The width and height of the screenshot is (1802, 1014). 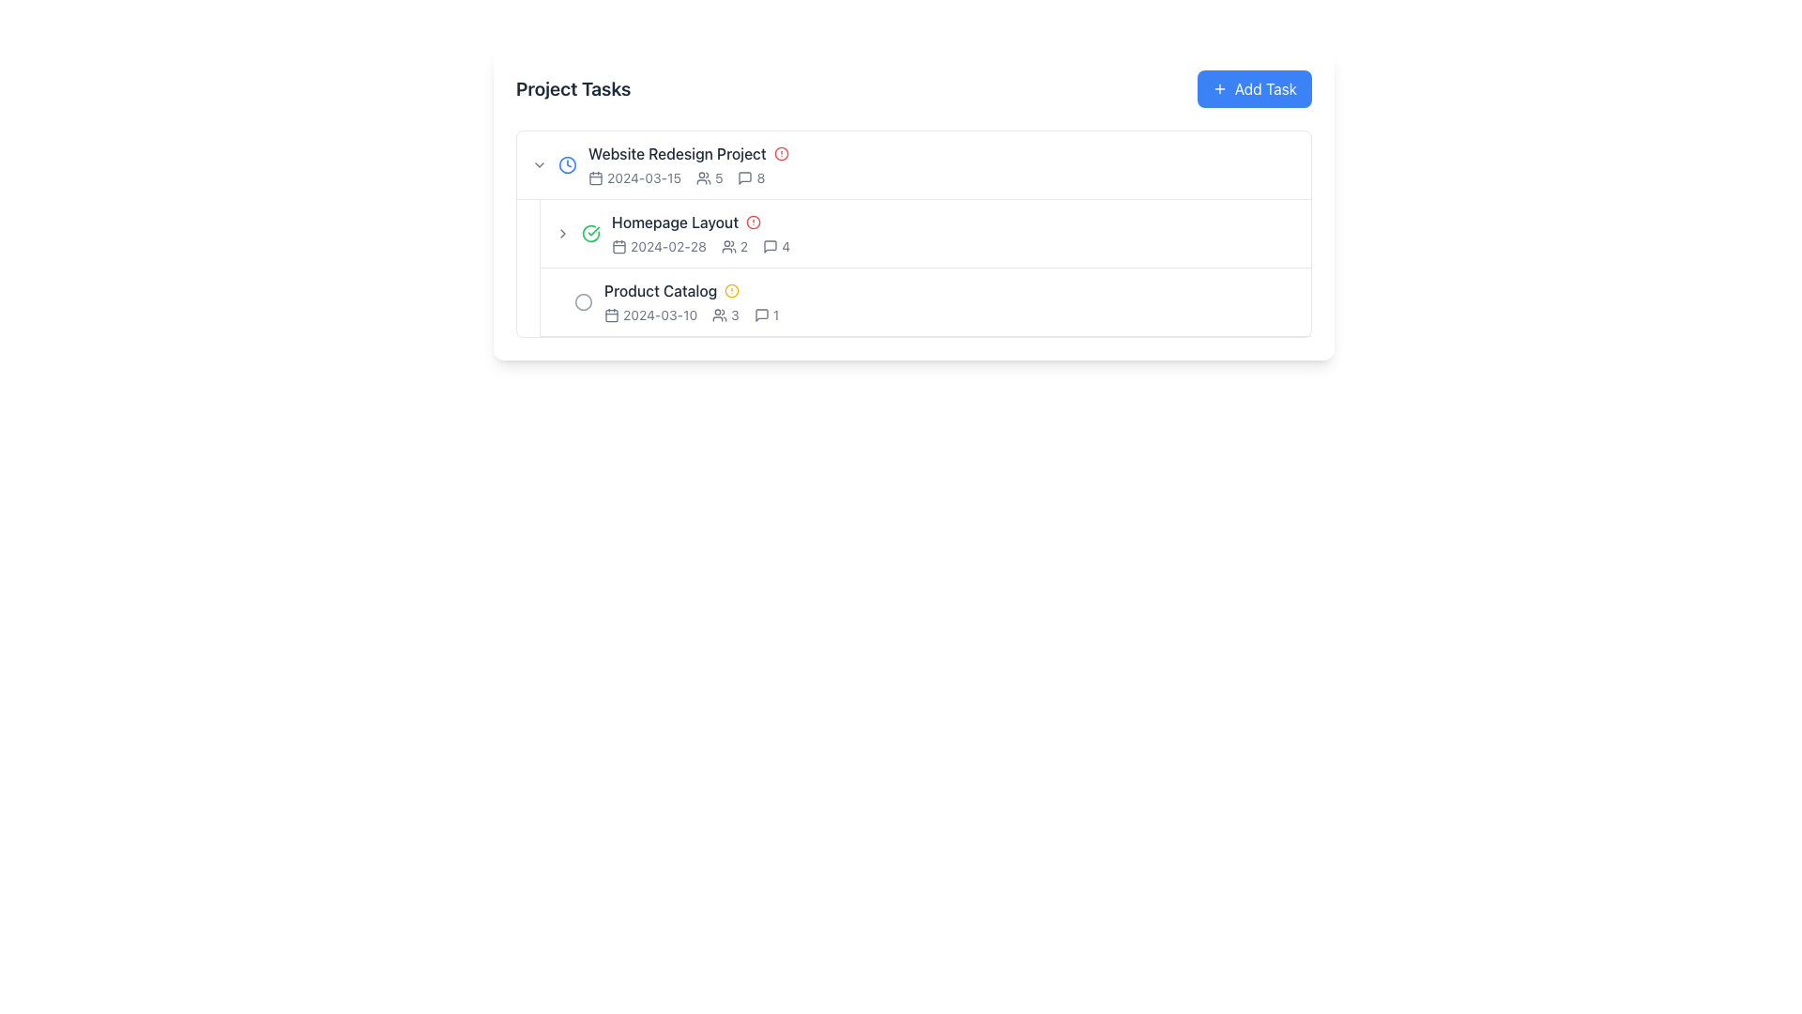 What do you see at coordinates (775, 245) in the screenshot?
I see `the information display component, which consists of a speech bubble icon followed by the number '4', located in the second row of the task list adjacent to the 'Homepage Layout' task` at bounding box center [775, 245].